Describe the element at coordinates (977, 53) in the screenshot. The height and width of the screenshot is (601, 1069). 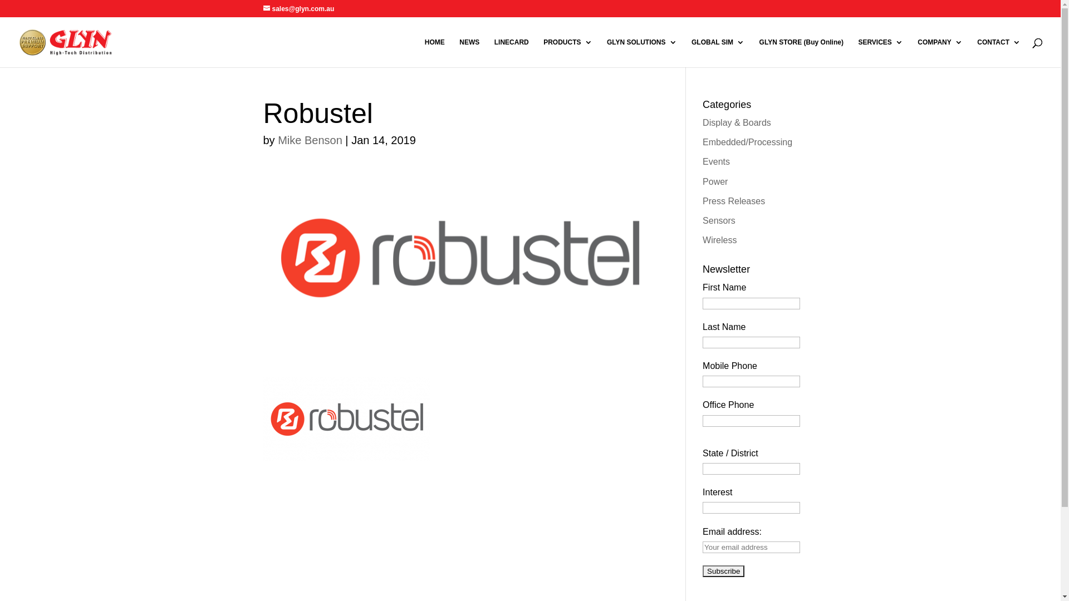
I see `'CONTACT'` at that location.